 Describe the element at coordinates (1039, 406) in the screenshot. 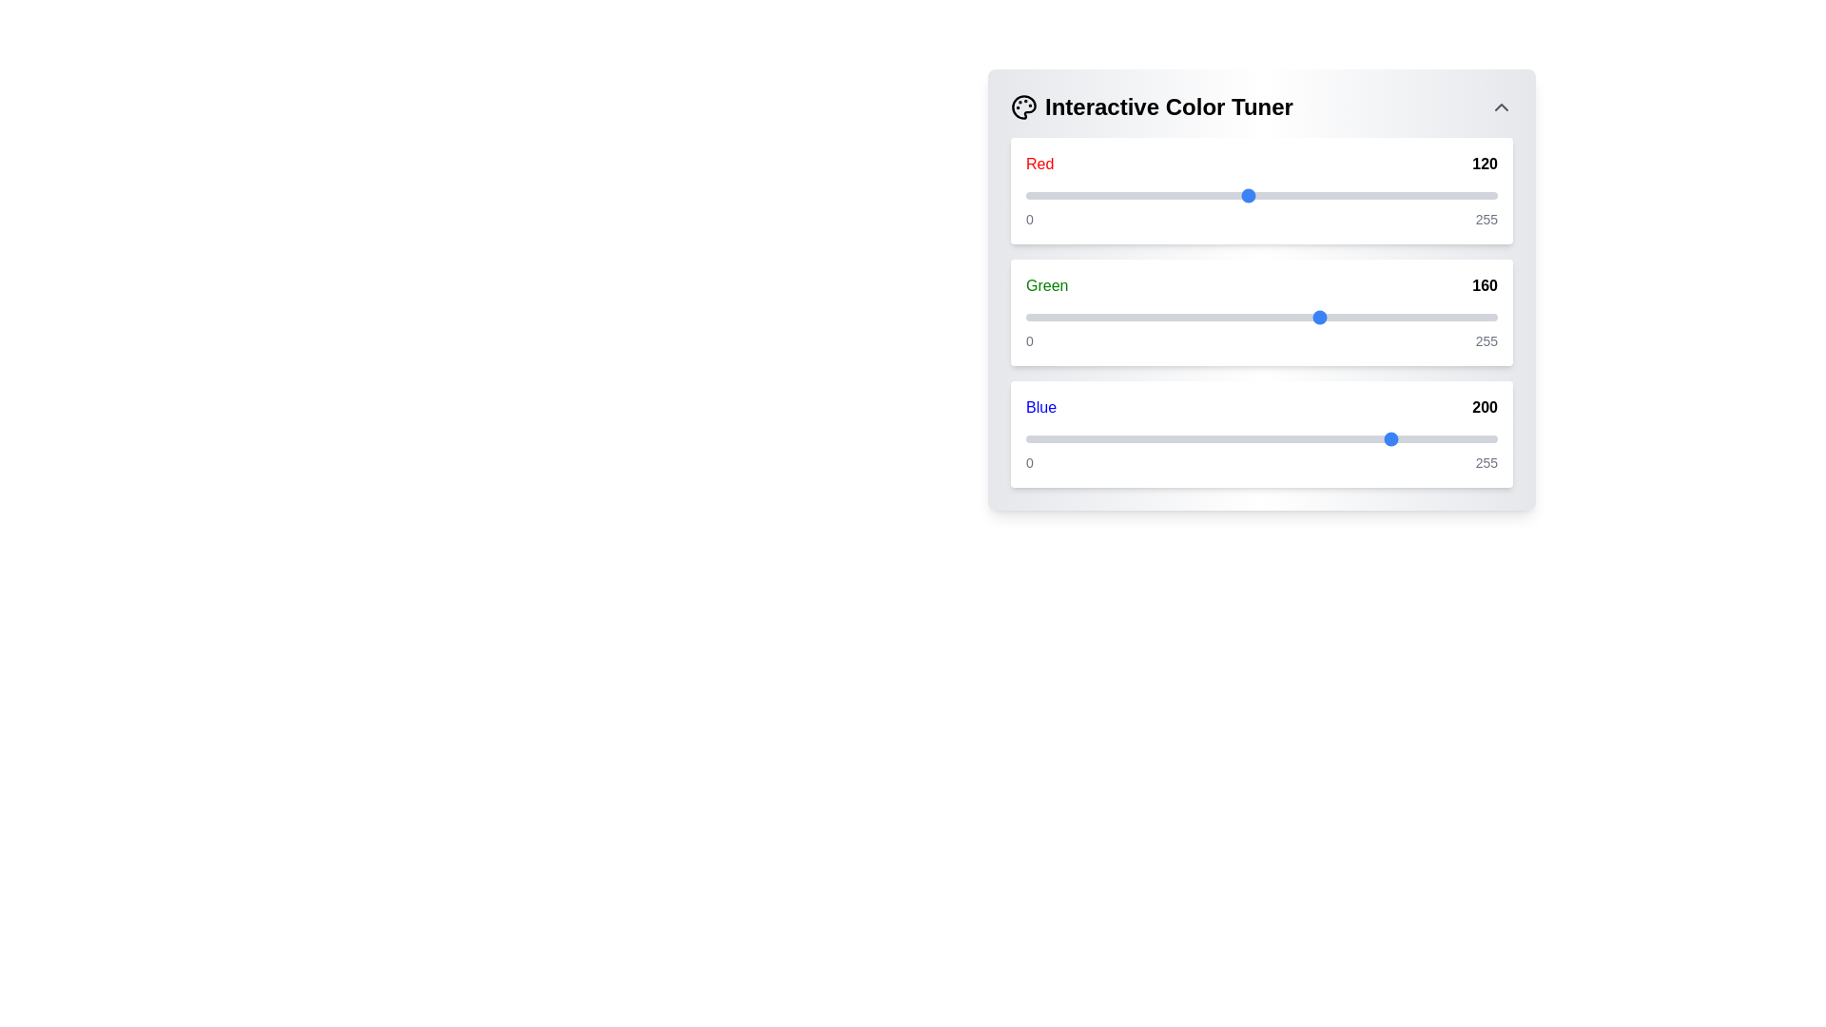

I see `the 'Blue' text label in the adjustable color tuner interface, which indicates the color component and is located to the left of the number '200'` at that location.